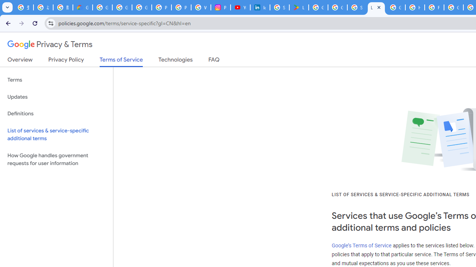 The width and height of the screenshot is (476, 267). What do you see at coordinates (279, 7) in the screenshot?
I see `'Sign in - Google Accounts'` at bounding box center [279, 7].